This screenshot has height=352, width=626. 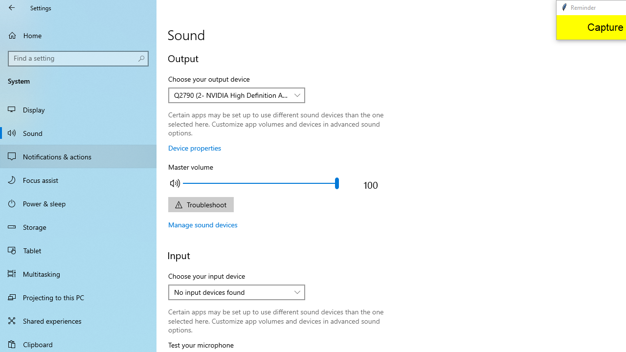 What do you see at coordinates (78, 156) in the screenshot?
I see `'Notifications & actions'` at bounding box center [78, 156].